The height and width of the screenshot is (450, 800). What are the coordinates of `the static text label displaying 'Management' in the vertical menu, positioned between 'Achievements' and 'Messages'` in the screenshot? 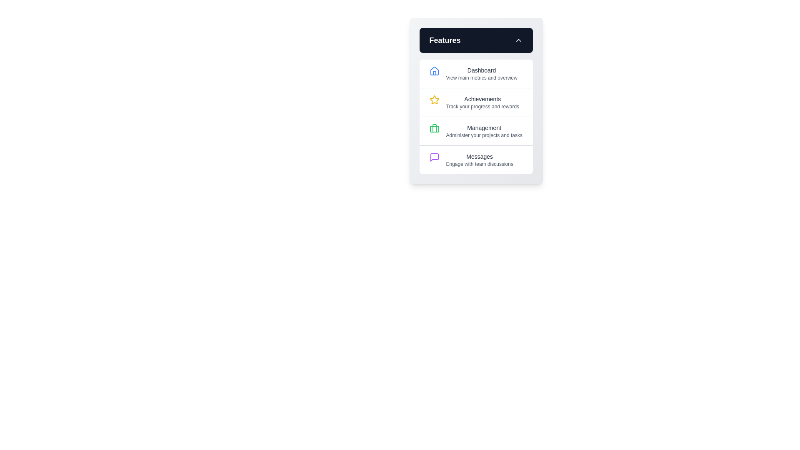 It's located at (484, 128).